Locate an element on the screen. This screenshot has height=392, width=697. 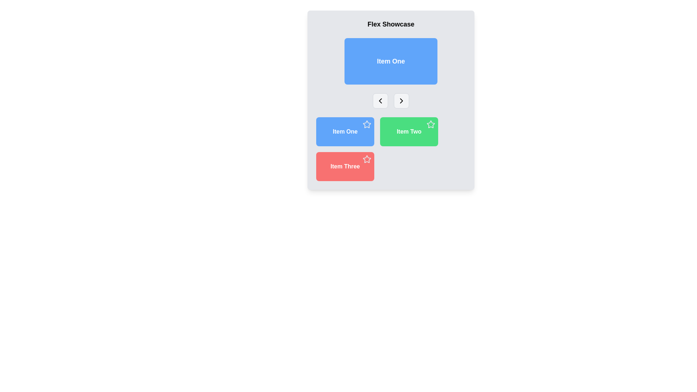
the star icon associated with 'Item Three' to mark or unmark it as a favorite is located at coordinates (366, 159).